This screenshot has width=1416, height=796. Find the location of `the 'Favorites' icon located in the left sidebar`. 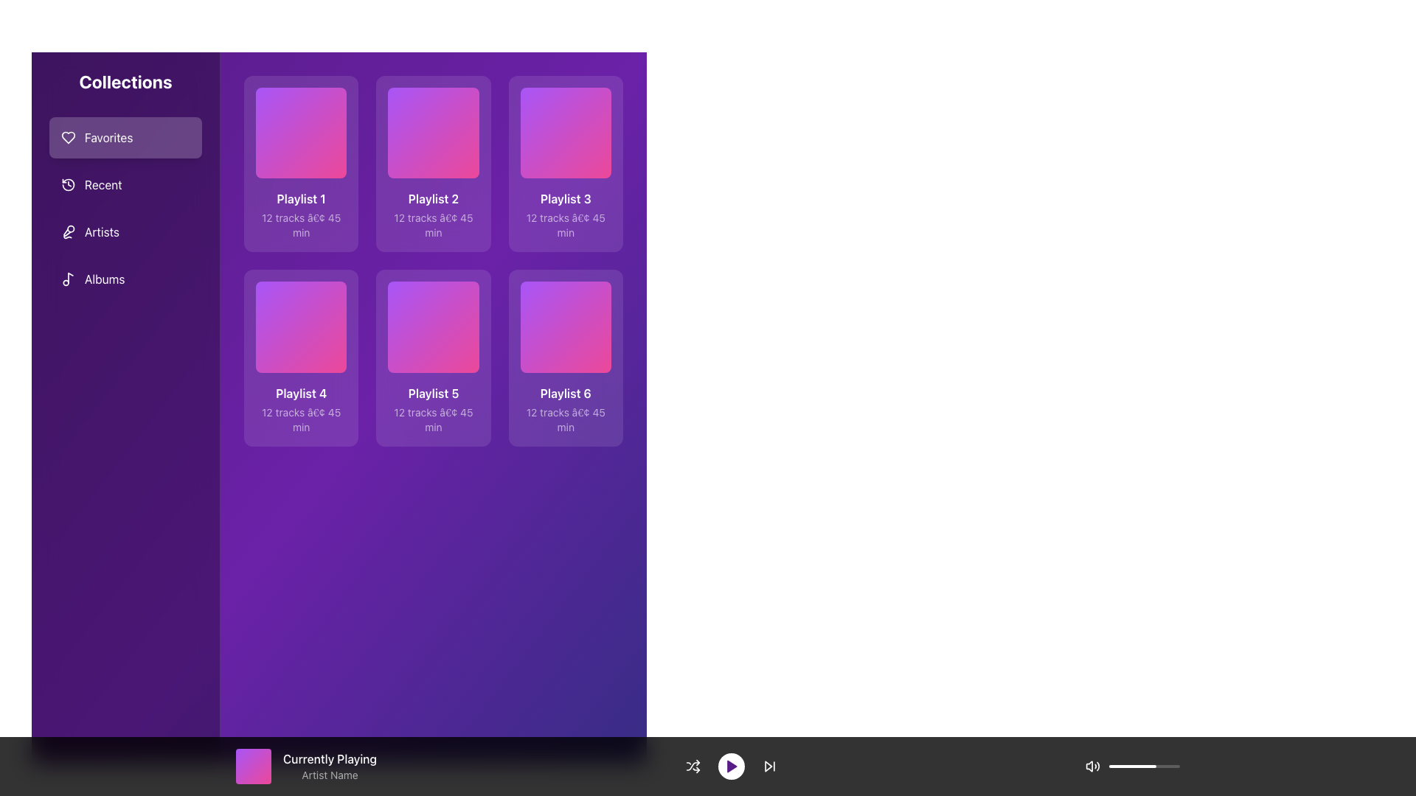

the 'Favorites' icon located in the left sidebar is located at coordinates (67, 137).